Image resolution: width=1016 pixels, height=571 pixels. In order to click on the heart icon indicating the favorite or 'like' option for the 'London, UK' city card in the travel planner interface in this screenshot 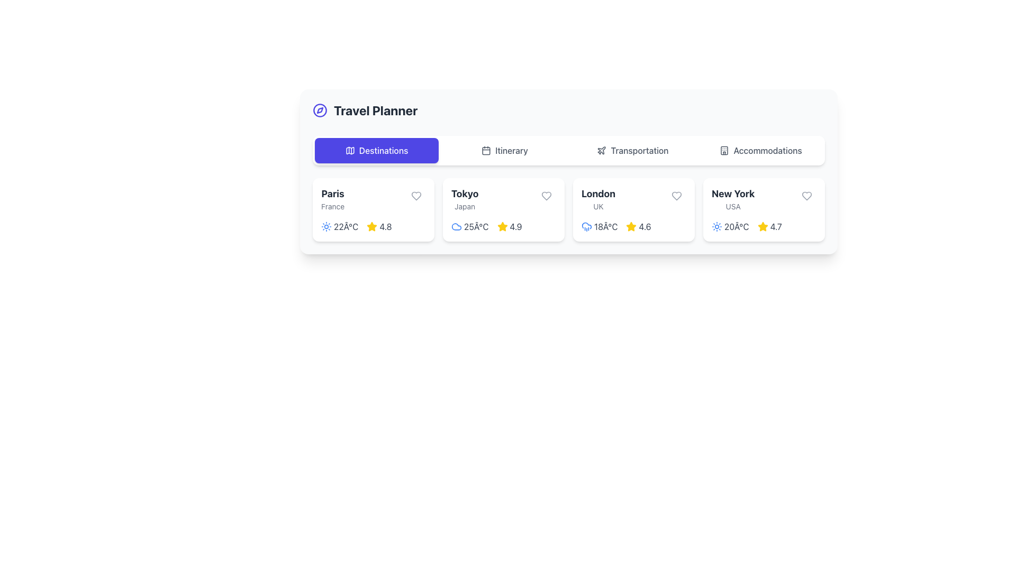, I will do `click(676, 196)`.